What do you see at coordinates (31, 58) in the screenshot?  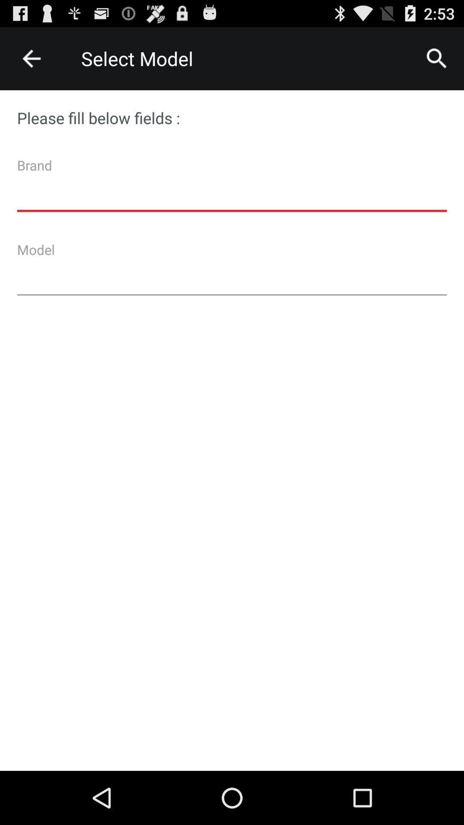 I see `item next to the select model icon` at bounding box center [31, 58].